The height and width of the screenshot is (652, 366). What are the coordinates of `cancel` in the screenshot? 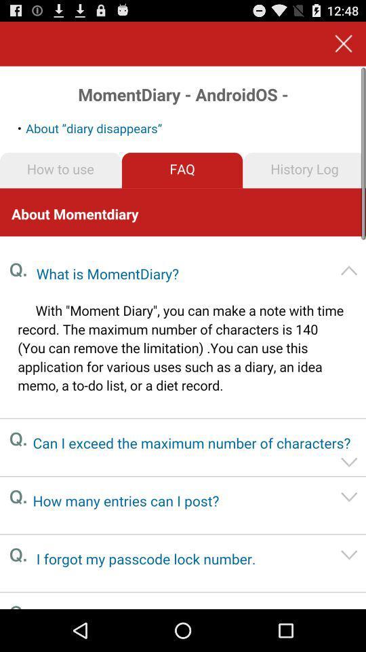 It's located at (344, 43).